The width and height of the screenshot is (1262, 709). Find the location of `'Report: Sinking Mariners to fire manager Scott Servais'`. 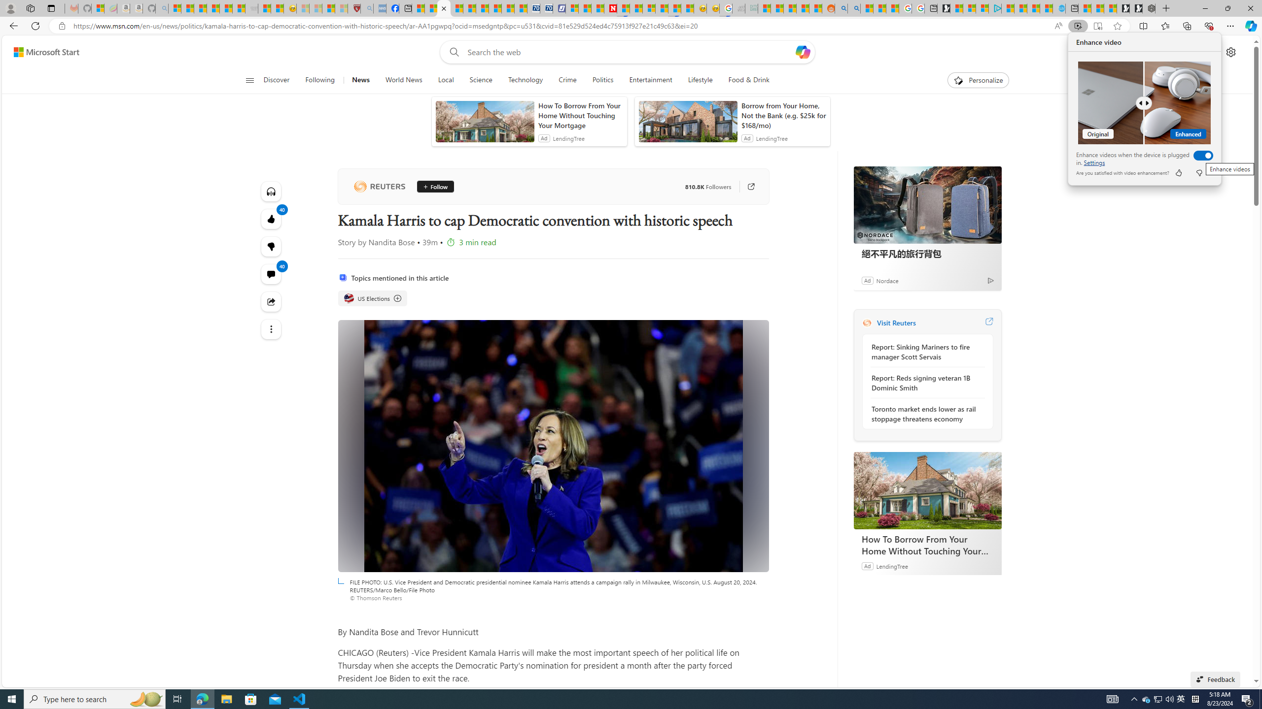

'Report: Sinking Mariners to fire manager Scott Servais' is located at coordinates (924, 351).